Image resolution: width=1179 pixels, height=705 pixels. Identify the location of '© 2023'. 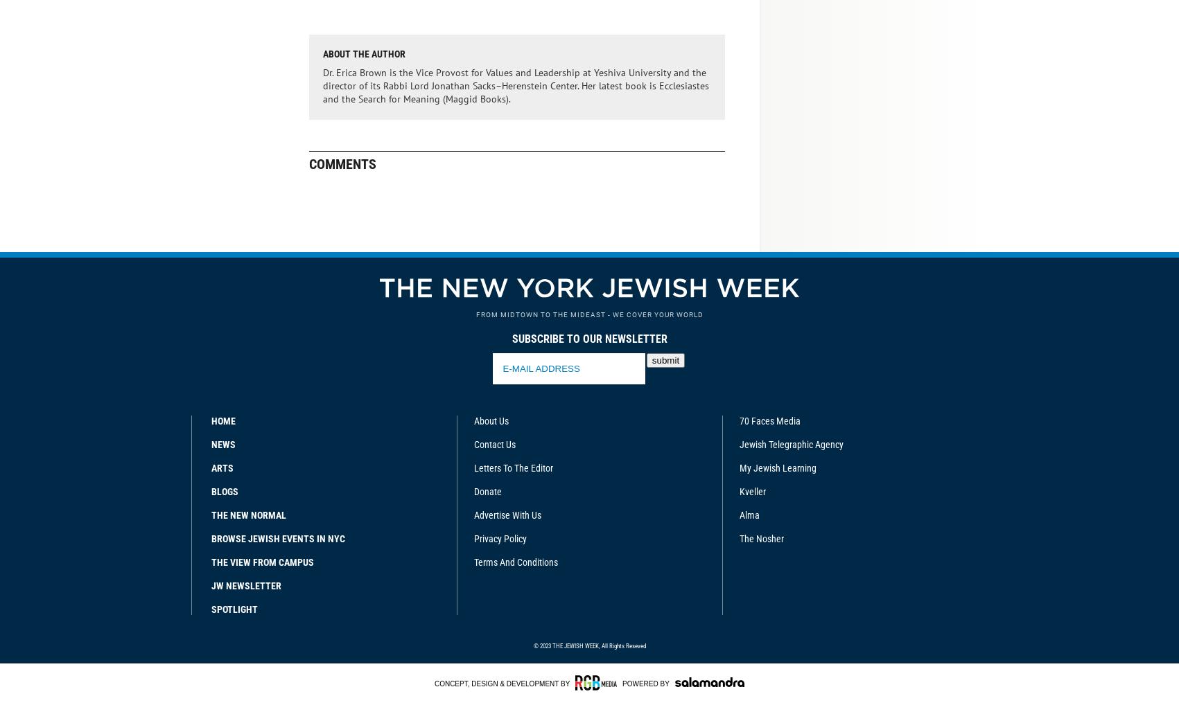
(542, 644).